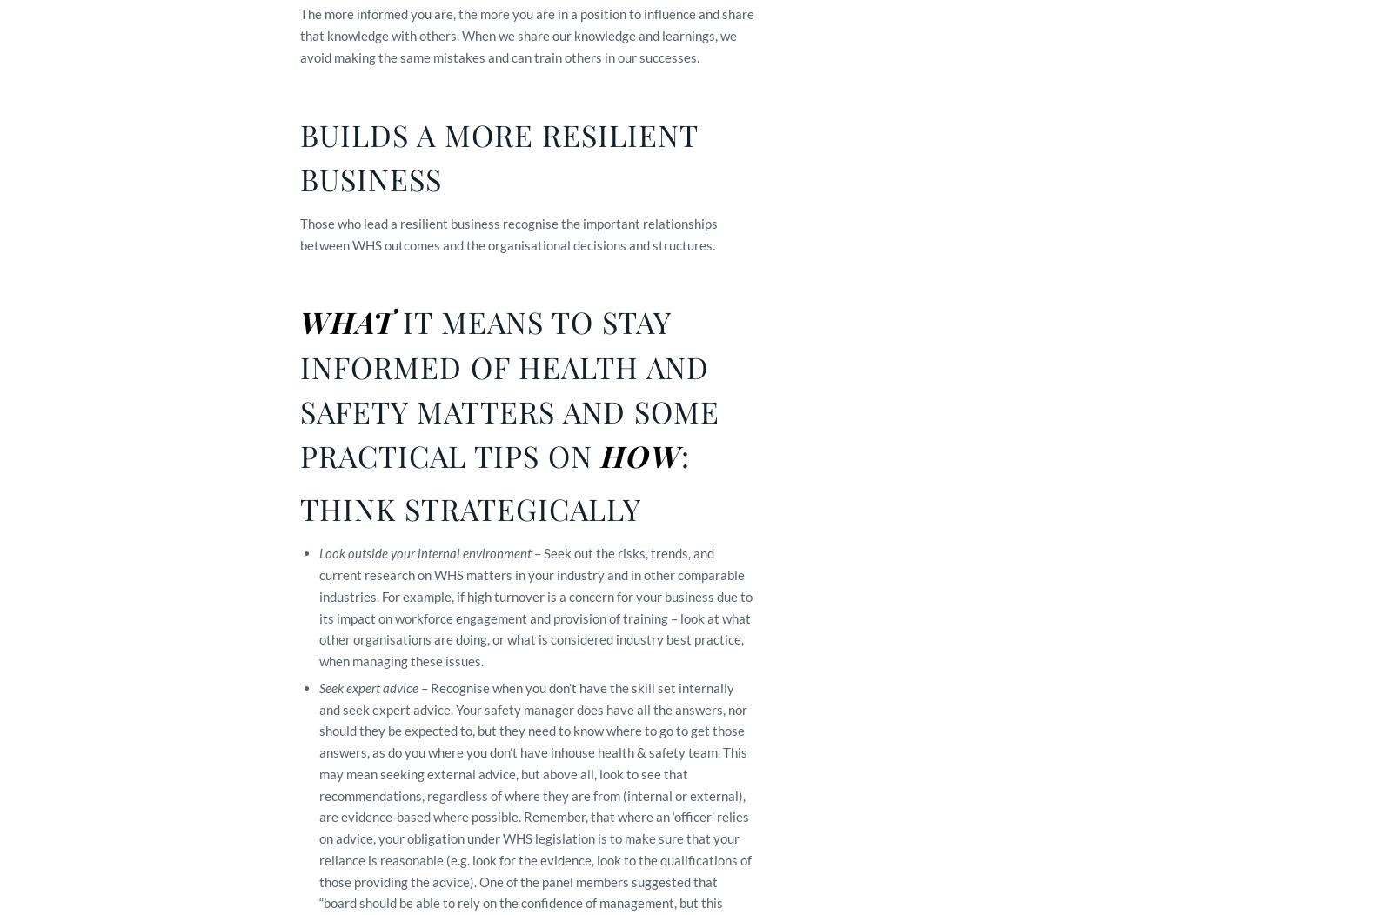 The image size is (1392, 915). I want to click on 'WHAT', so click(351, 321).